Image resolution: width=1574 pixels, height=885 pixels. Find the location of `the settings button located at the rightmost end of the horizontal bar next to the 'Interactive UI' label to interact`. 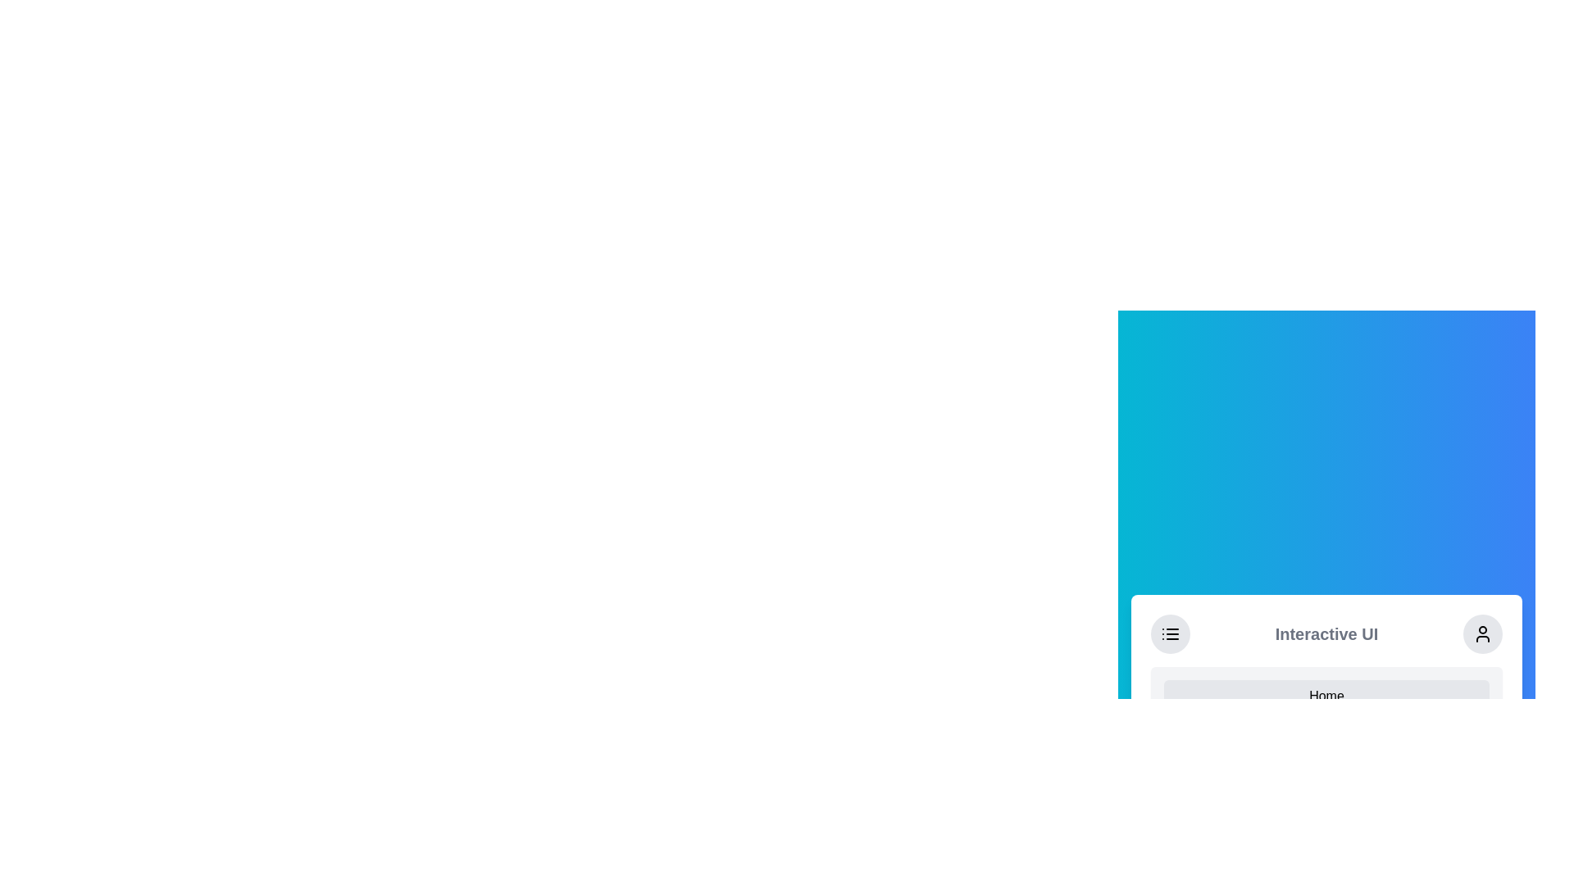

the settings button located at the rightmost end of the horizontal bar next to the 'Interactive UI' label to interact is located at coordinates (1483, 633).